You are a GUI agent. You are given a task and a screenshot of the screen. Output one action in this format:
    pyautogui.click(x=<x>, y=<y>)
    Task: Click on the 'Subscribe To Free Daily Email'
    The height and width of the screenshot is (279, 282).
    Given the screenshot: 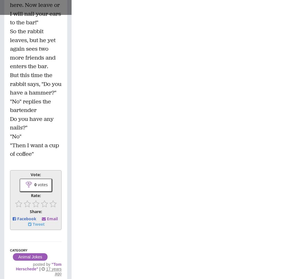 What is the action you would take?
    pyautogui.click(x=49, y=76)
    